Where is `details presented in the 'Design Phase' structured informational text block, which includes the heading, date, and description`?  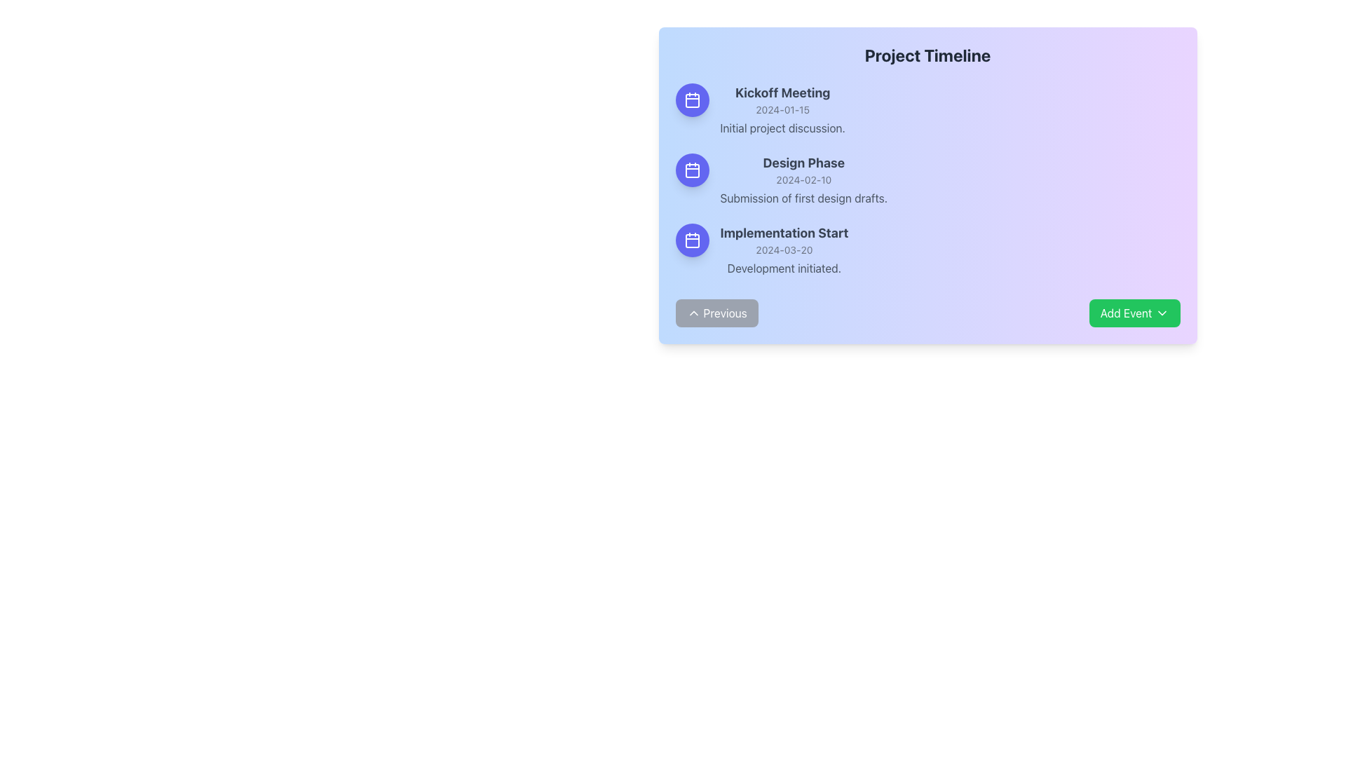
details presented in the 'Design Phase' structured informational text block, which includes the heading, date, and description is located at coordinates (803, 179).